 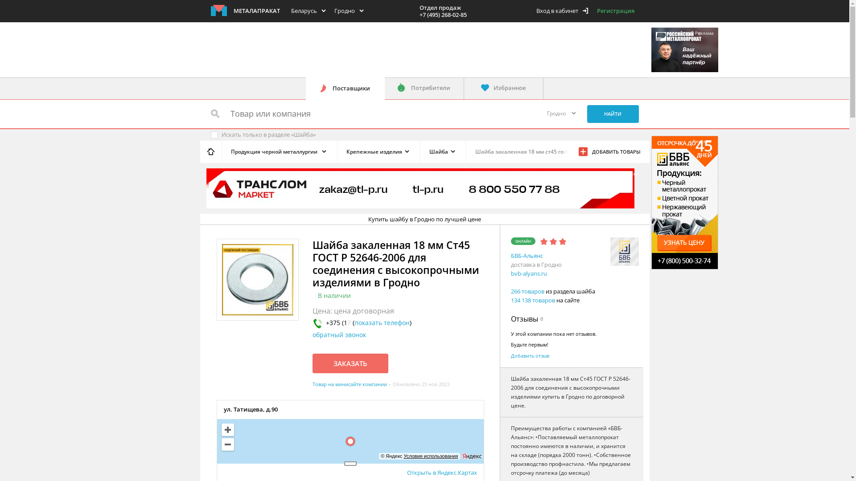 What do you see at coordinates (511, 273) in the screenshot?
I see `'bvb-alyans.ru'` at bounding box center [511, 273].